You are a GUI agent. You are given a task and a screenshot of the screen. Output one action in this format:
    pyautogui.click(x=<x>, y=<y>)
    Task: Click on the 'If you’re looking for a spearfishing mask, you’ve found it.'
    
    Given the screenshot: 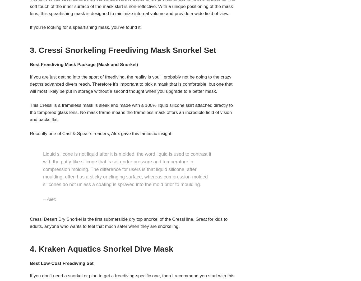 What is the action you would take?
    pyautogui.click(x=86, y=27)
    